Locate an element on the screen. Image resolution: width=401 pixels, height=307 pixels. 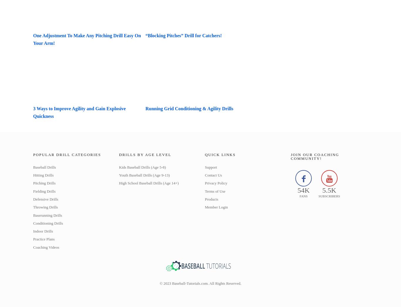
'Baseball Drills' is located at coordinates (44, 167).